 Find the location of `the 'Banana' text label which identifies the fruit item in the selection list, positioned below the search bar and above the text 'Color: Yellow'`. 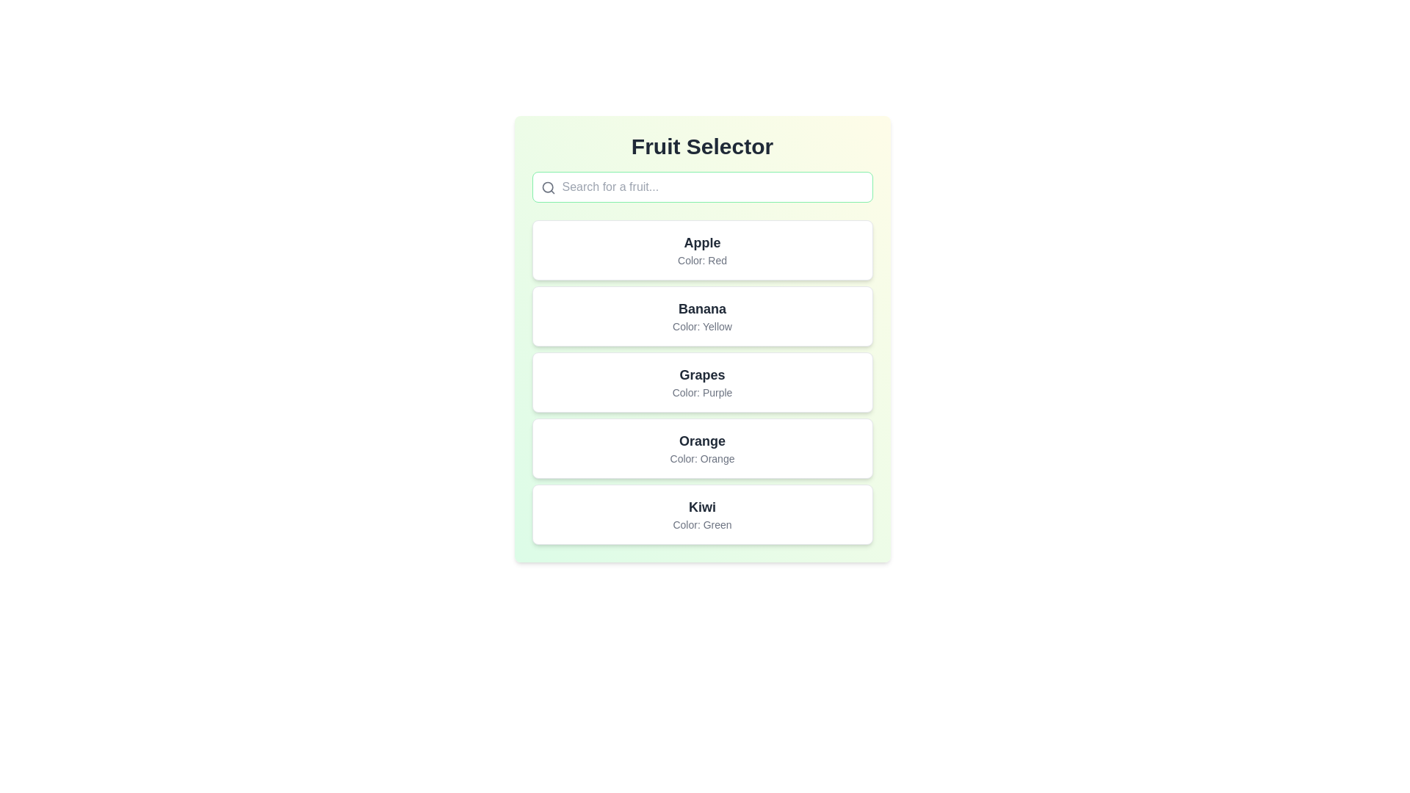

the 'Banana' text label which identifies the fruit item in the selection list, positioned below the search bar and above the text 'Color: Yellow' is located at coordinates (701, 308).